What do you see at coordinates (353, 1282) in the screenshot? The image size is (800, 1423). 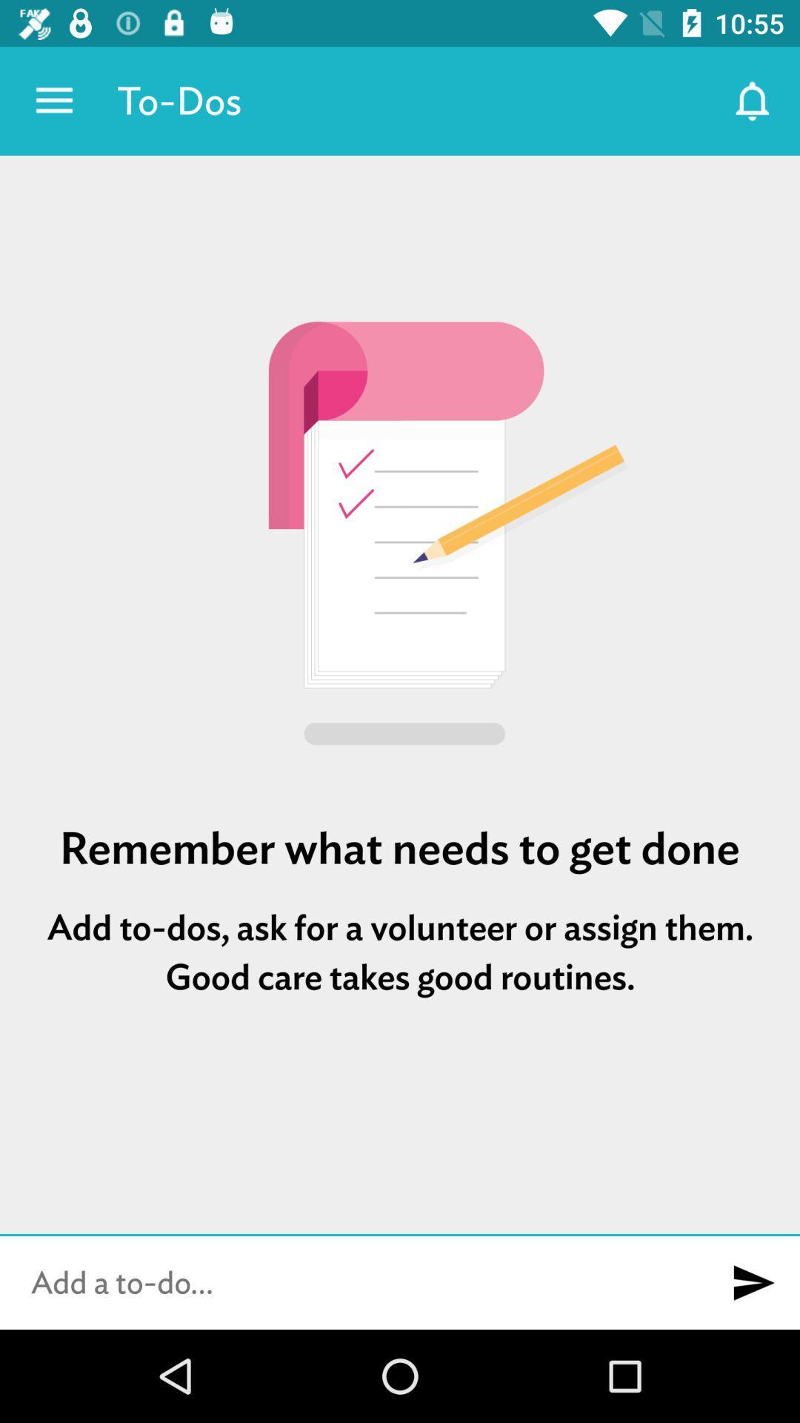 I see `a note` at bounding box center [353, 1282].